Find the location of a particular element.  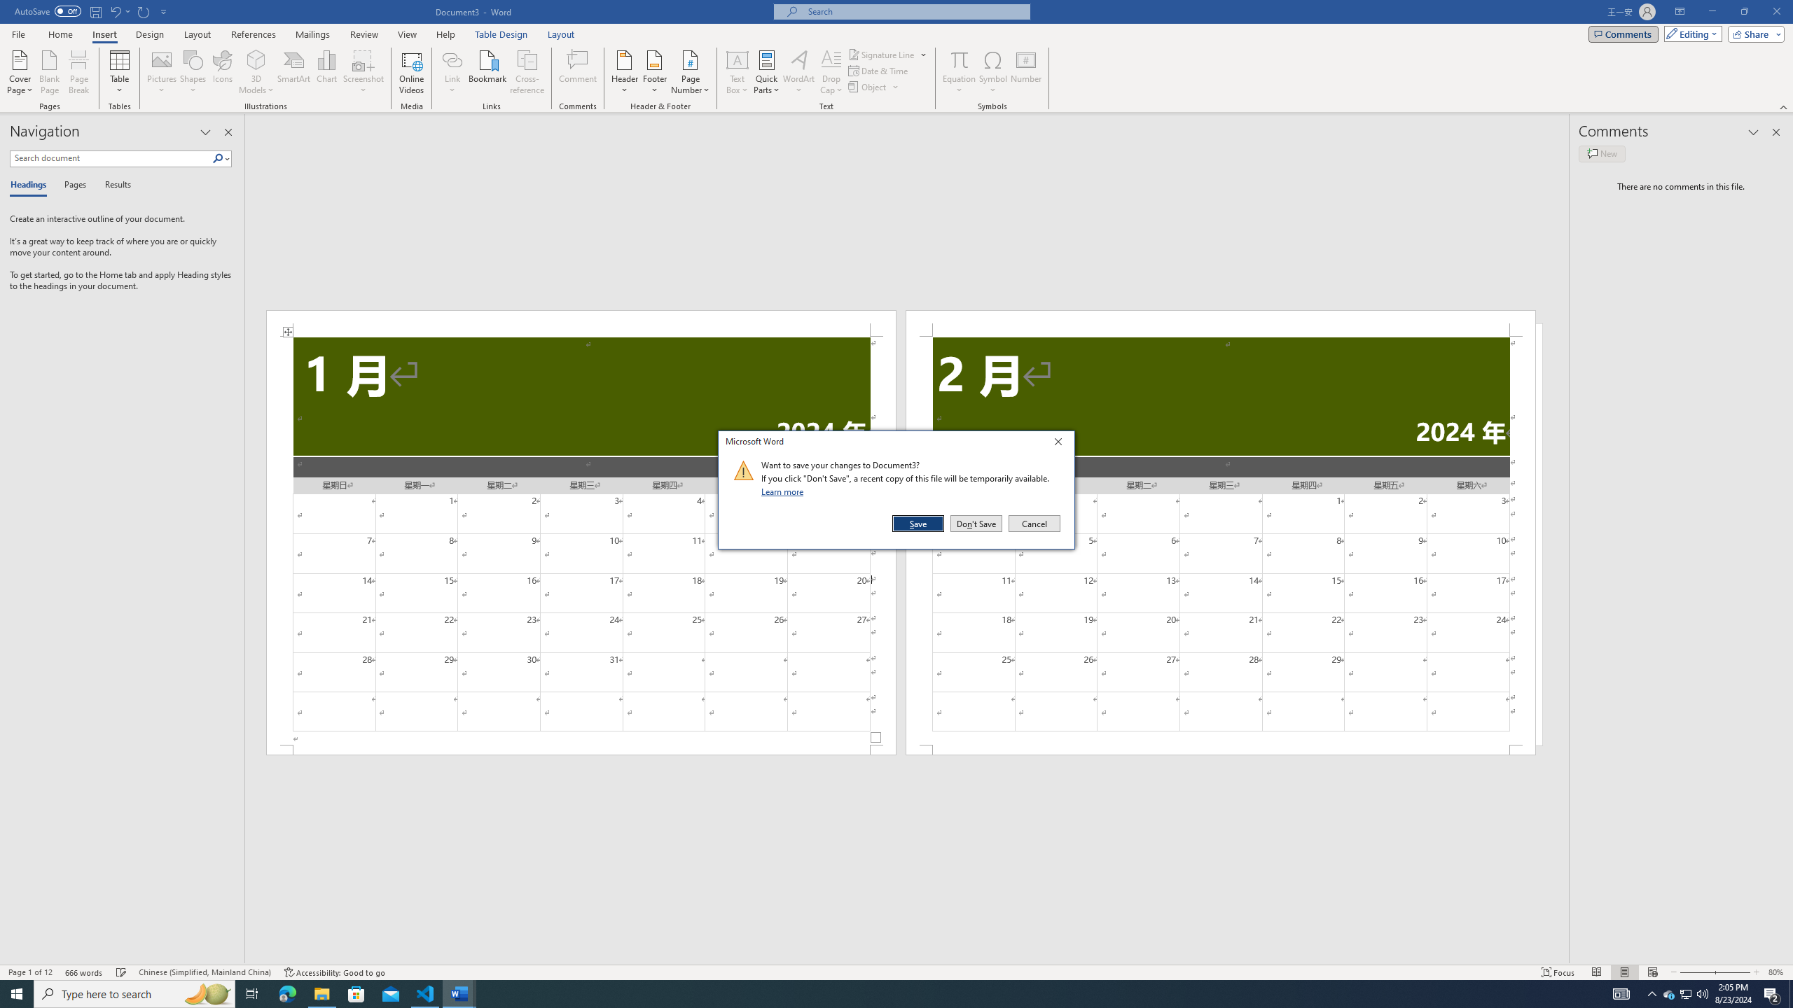

'Headings' is located at coordinates (31, 185).